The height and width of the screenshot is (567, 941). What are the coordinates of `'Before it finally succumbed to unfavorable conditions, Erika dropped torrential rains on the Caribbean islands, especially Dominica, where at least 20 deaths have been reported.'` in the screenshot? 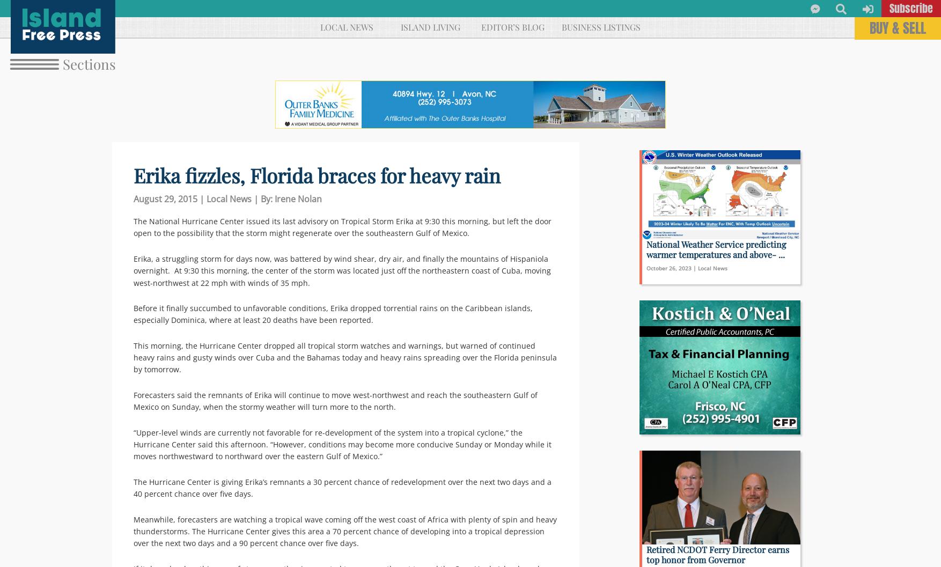 It's located at (332, 313).